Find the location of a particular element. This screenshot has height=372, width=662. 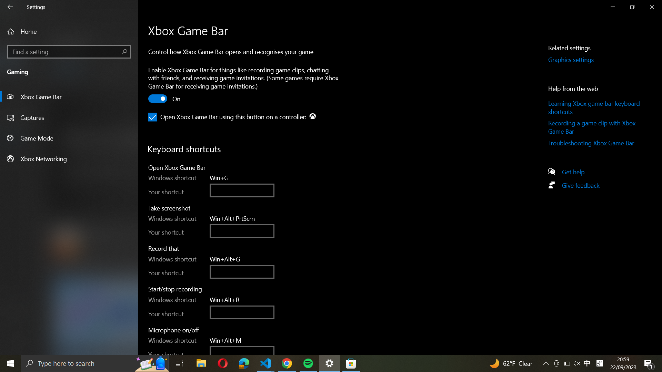

the Xbox Game Bar Keyboard Shortcuts tutorial page is located at coordinates (595, 107).